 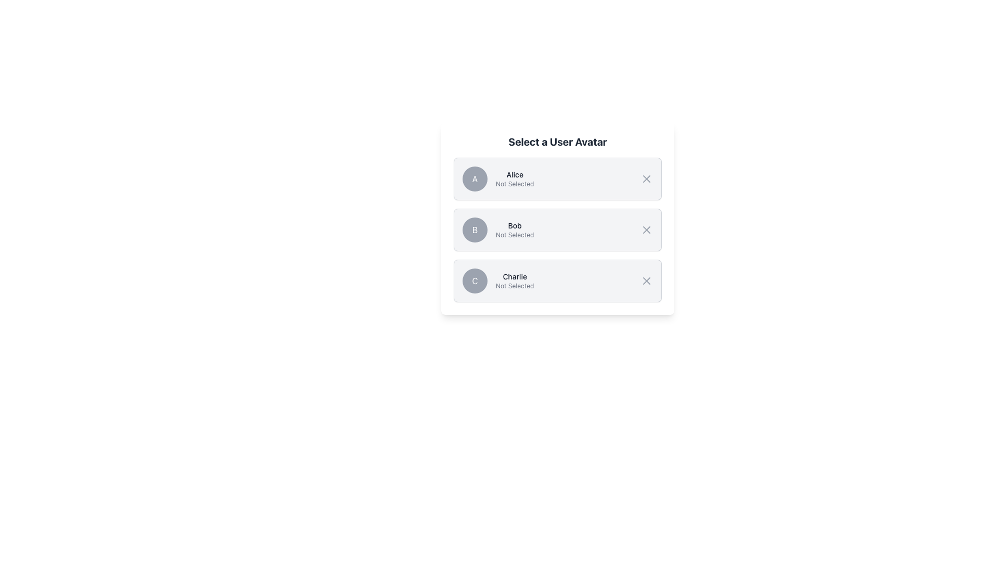 I want to click on the static text label indicating the name 'Alice', which is the first line of text under the 'Select a User Avatar' header, located to the right of the avatar icon labeled 'A', so click(x=515, y=174).